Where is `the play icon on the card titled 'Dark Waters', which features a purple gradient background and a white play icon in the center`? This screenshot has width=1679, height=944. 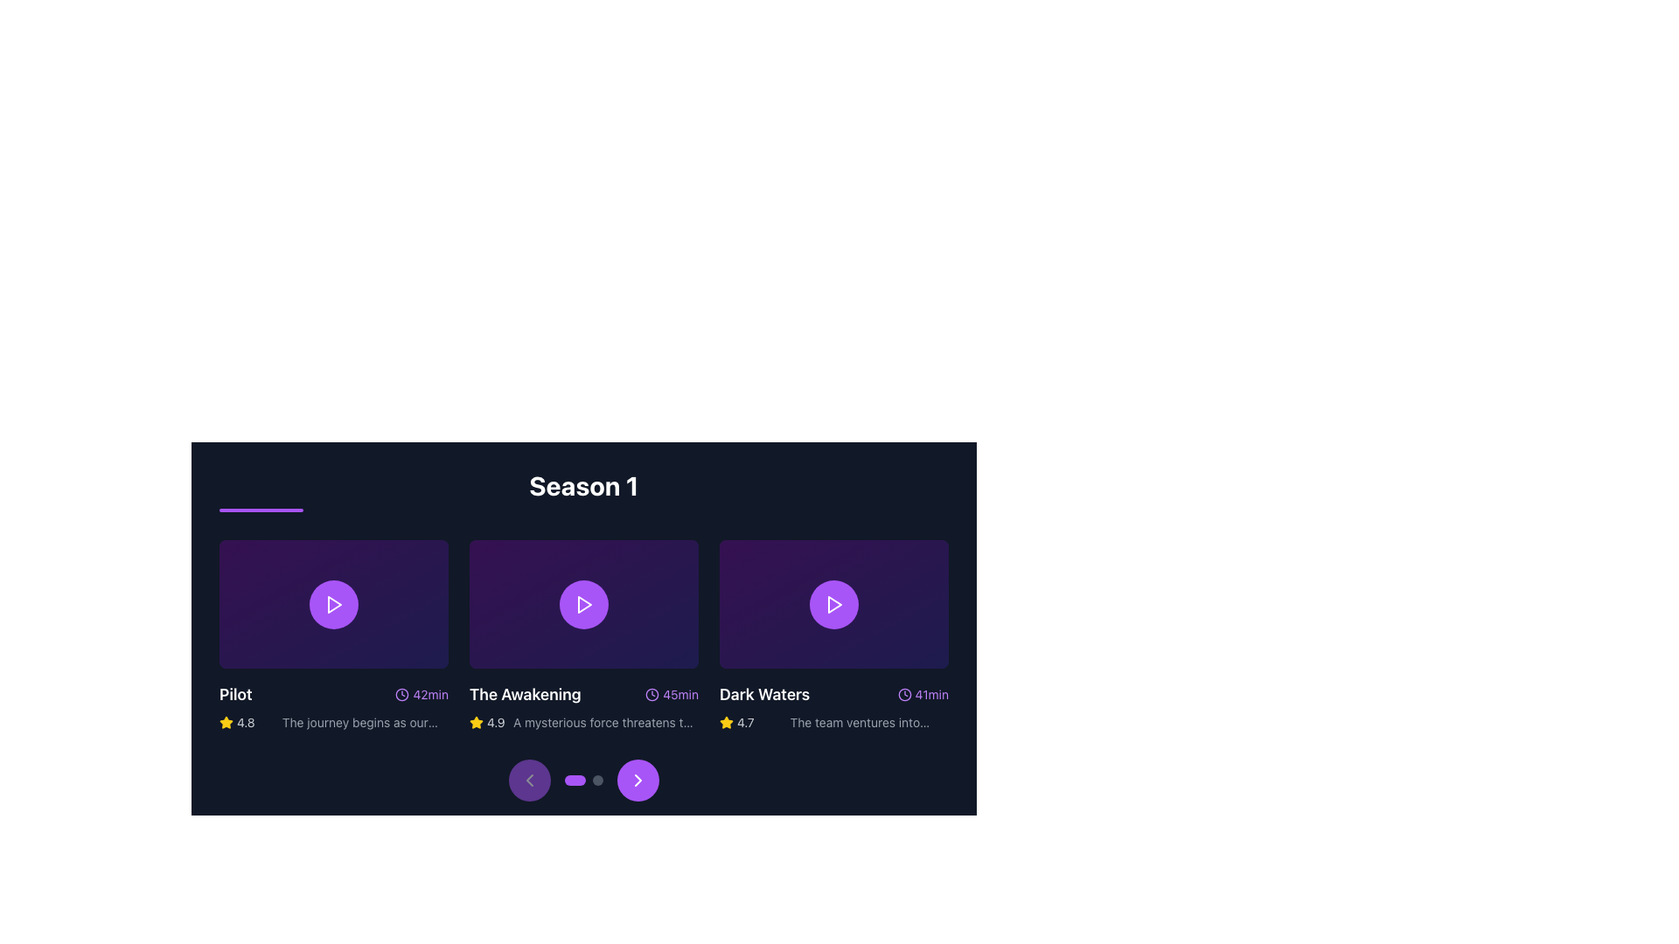
the play icon on the card titled 'Dark Waters', which features a purple gradient background and a white play icon in the center is located at coordinates (833, 635).